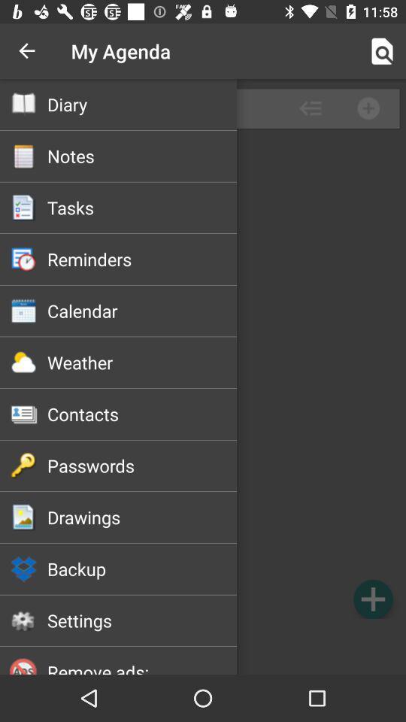 The image size is (406, 722). What do you see at coordinates (142, 465) in the screenshot?
I see `passwords item` at bounding box center [142, 465].